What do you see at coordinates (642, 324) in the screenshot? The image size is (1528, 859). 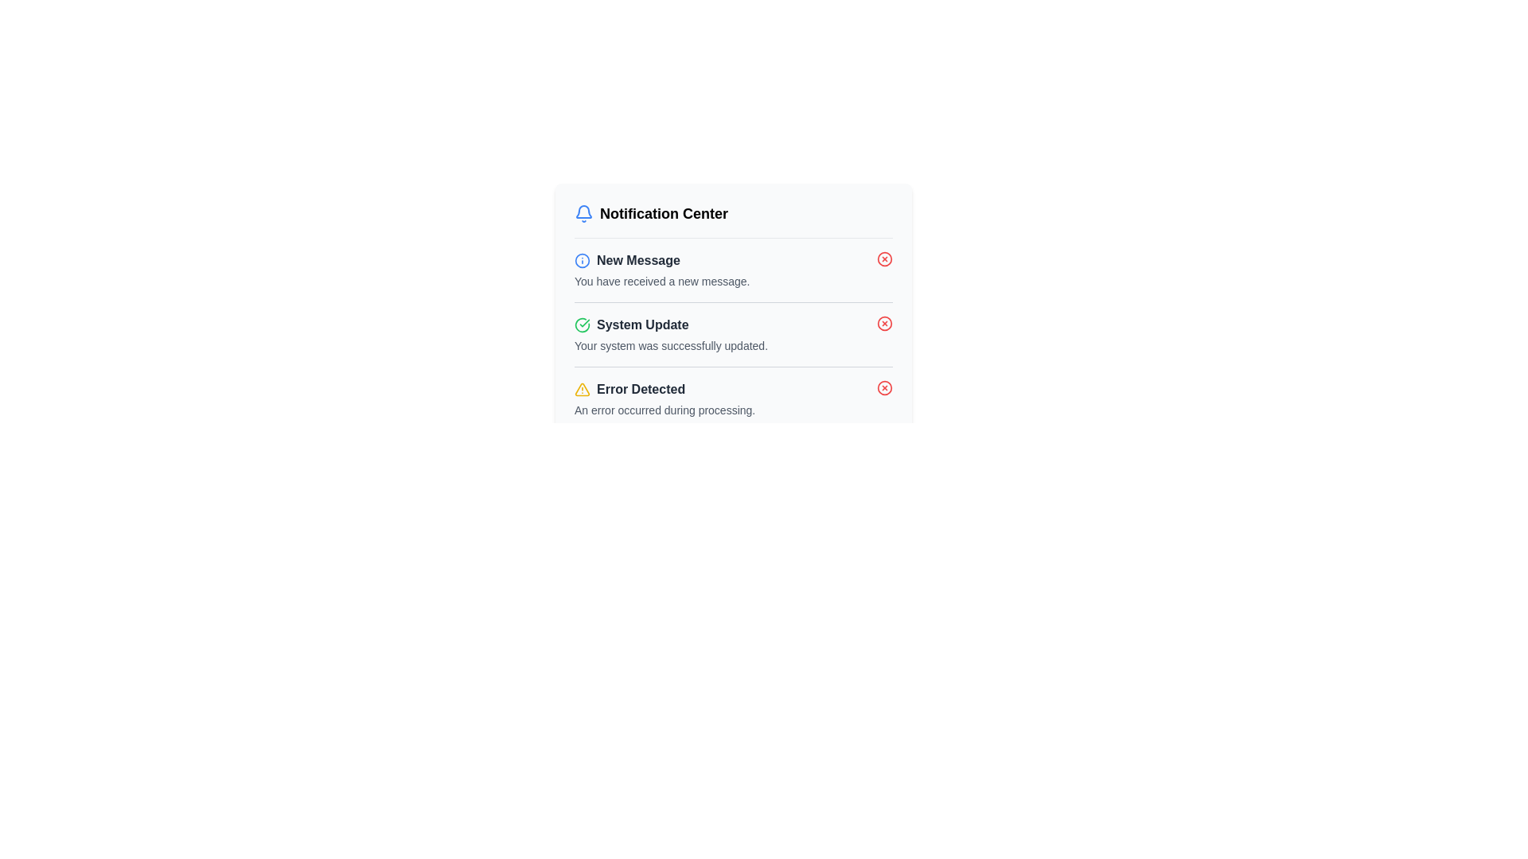 I see `text label indicating a successful system update, which is the second notification title in the list, positioned below 'New Message' and above 'Error Detected', and aligned with a green check icon to its left` at bounding box center [642, 324].